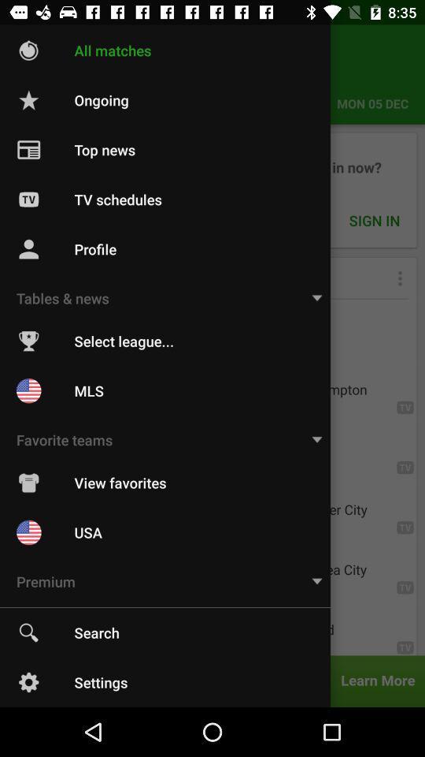  I want to click on tv icon, so click(28, 198).